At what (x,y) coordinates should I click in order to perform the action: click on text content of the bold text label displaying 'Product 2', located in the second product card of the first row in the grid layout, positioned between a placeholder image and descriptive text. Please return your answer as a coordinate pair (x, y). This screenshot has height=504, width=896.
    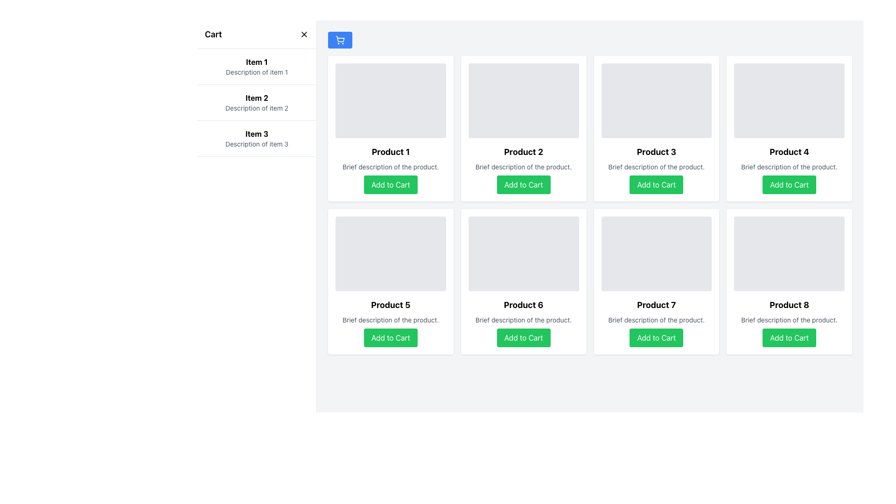
    Looking at the image, I should click on (524, 152).